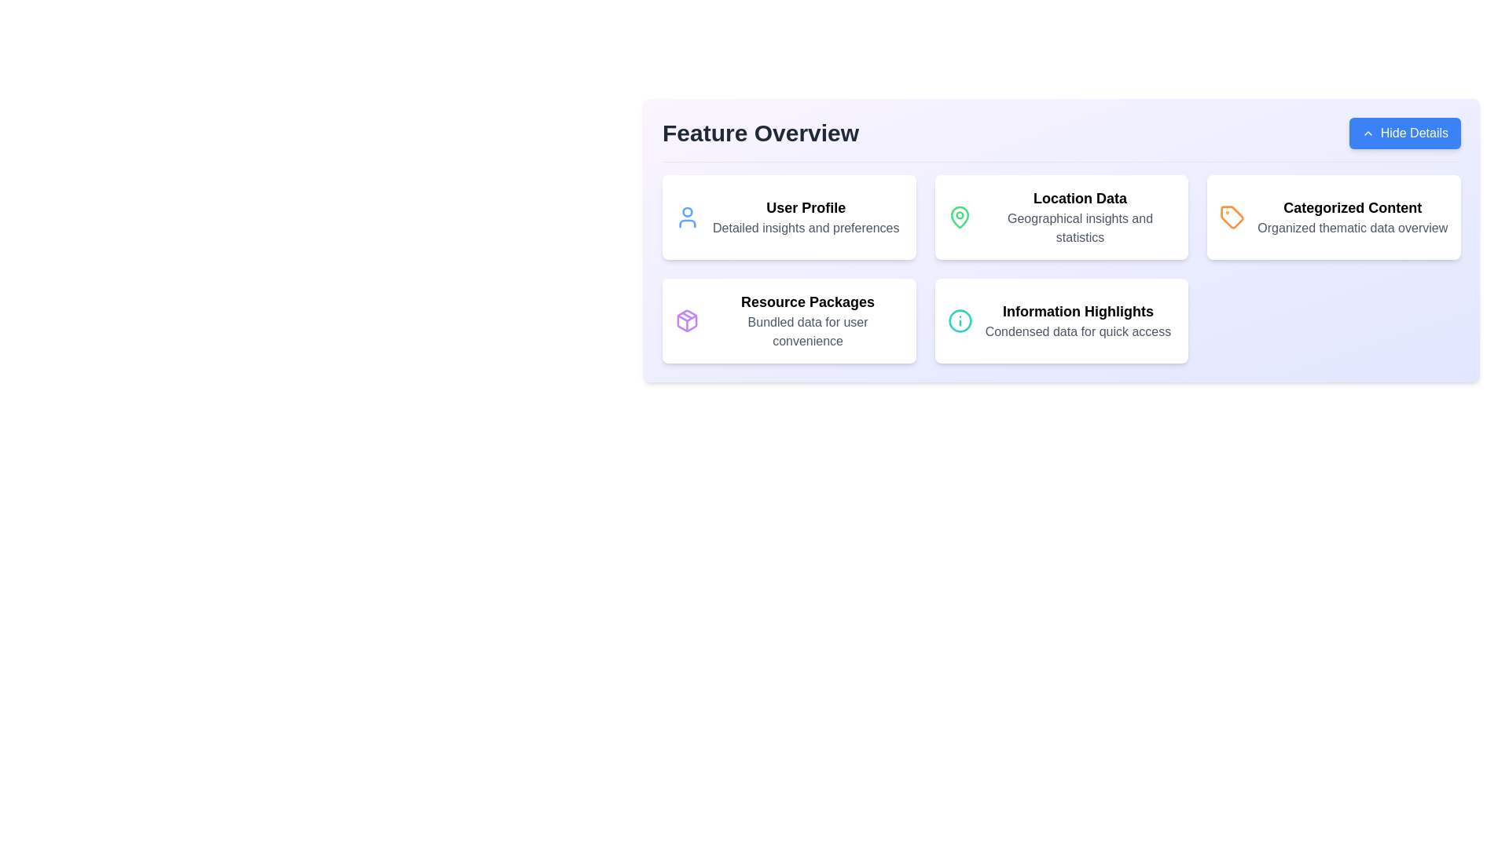 This screenshot has width=1509, height=848. Describe the element at coordinates (807, 331) in the screenshot. I see `the static label providing supplementary information for the 'Resource Packages' section, located below the heading in the second row of a grid layout` at that location.